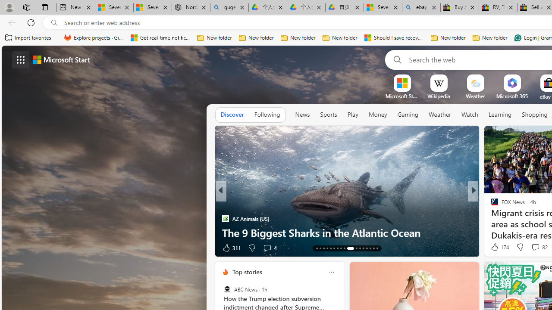  What do you see at coordinates (459, 7) in the screenshot?
I see `'Buy Auto Parts & Accessories | eBay'` at bounding box center [459, 7].